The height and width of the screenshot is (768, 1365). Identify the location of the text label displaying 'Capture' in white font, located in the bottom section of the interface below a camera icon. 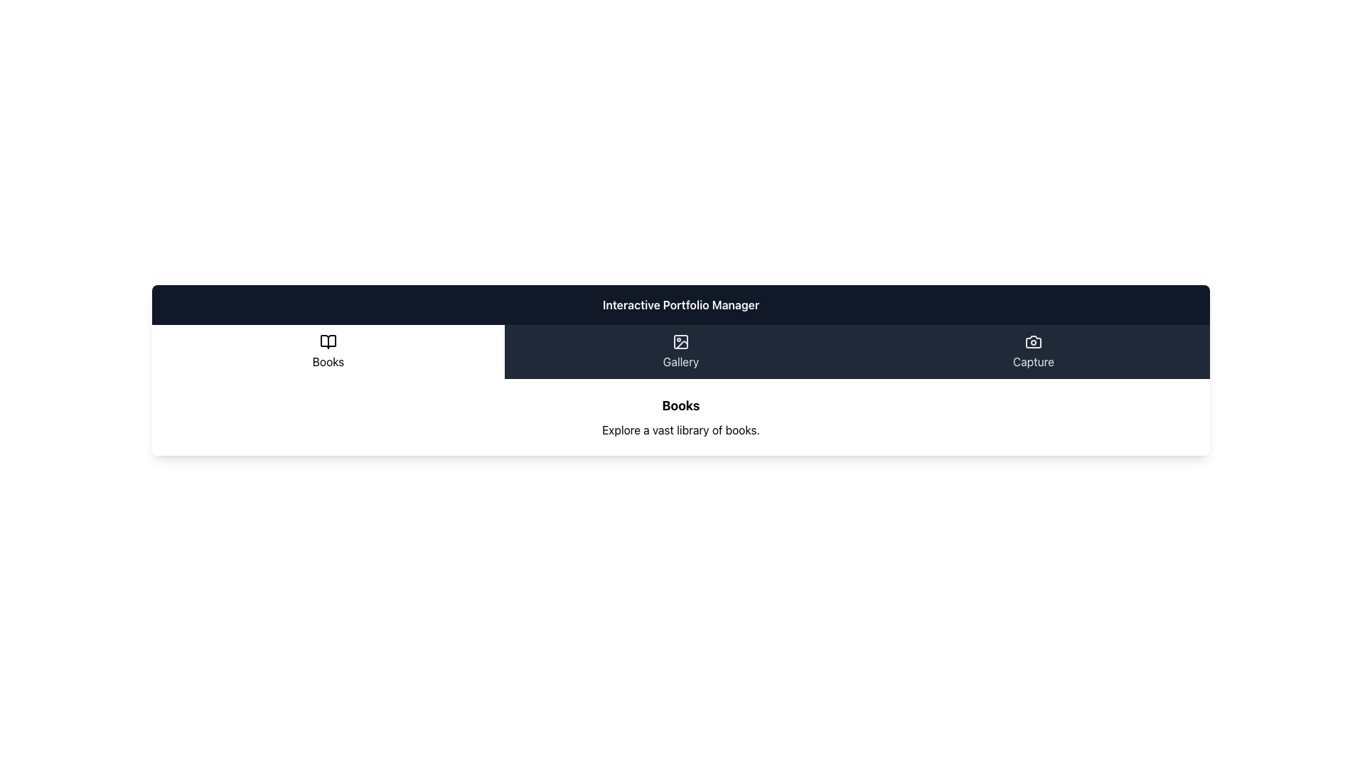
(1034, 361).